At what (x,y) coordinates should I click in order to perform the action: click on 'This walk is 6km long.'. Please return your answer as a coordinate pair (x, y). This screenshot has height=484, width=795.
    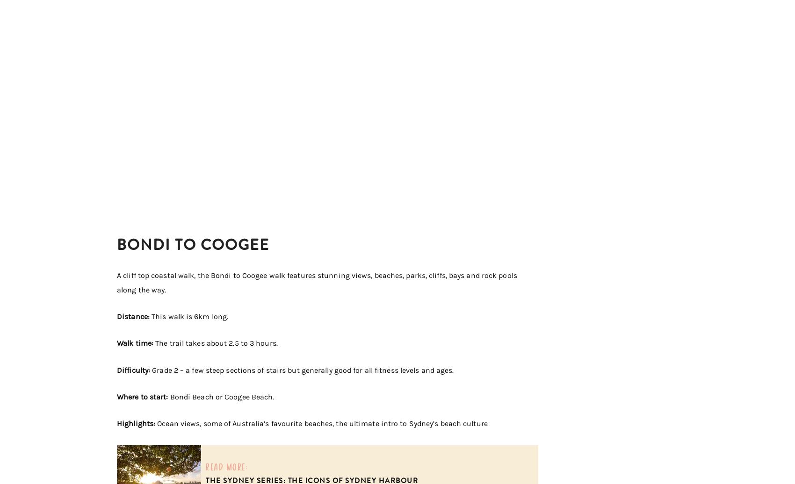
    Looking at the image, I should click on (151, 316).